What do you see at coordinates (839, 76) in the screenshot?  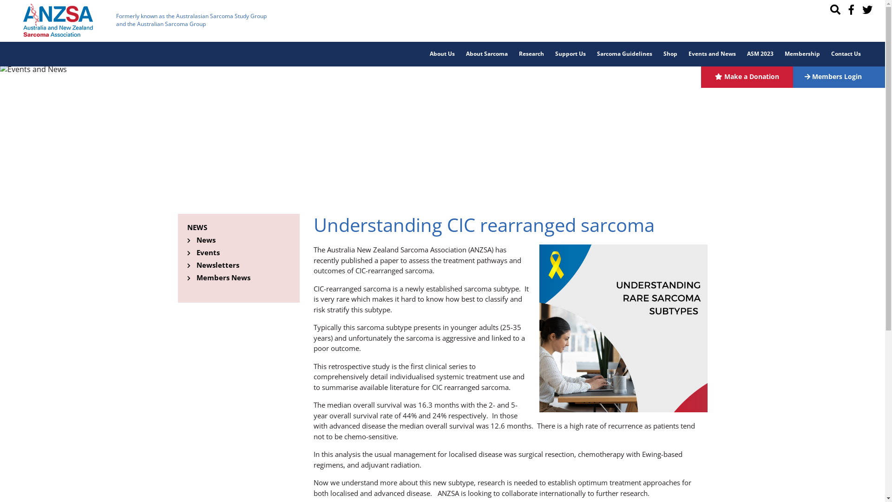 I see `'Members Login'` at bounding box center [839, 76].